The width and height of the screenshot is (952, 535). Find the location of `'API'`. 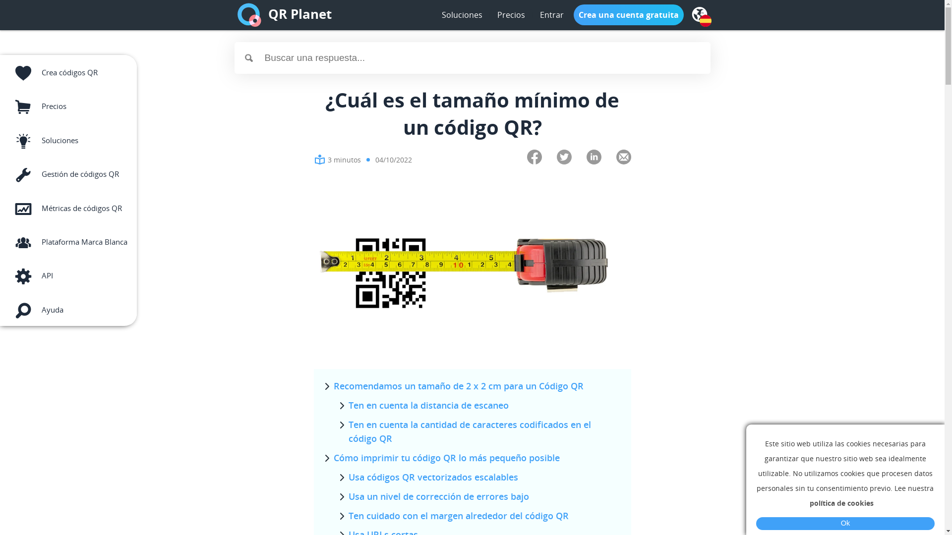

'API' is located at coordinates (68, 274).